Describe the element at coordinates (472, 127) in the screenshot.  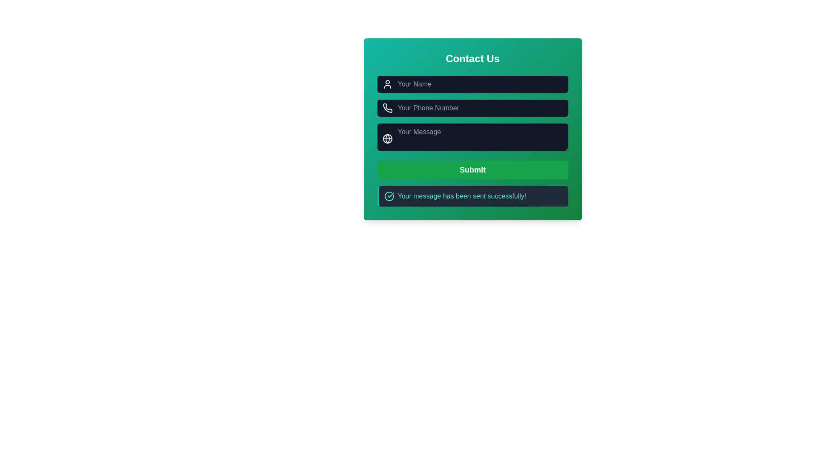
I see `to focus on the text input field located below the 'Your Phone Number' input and above the 'Submit' button in the 'Contact Us' form` at that location.